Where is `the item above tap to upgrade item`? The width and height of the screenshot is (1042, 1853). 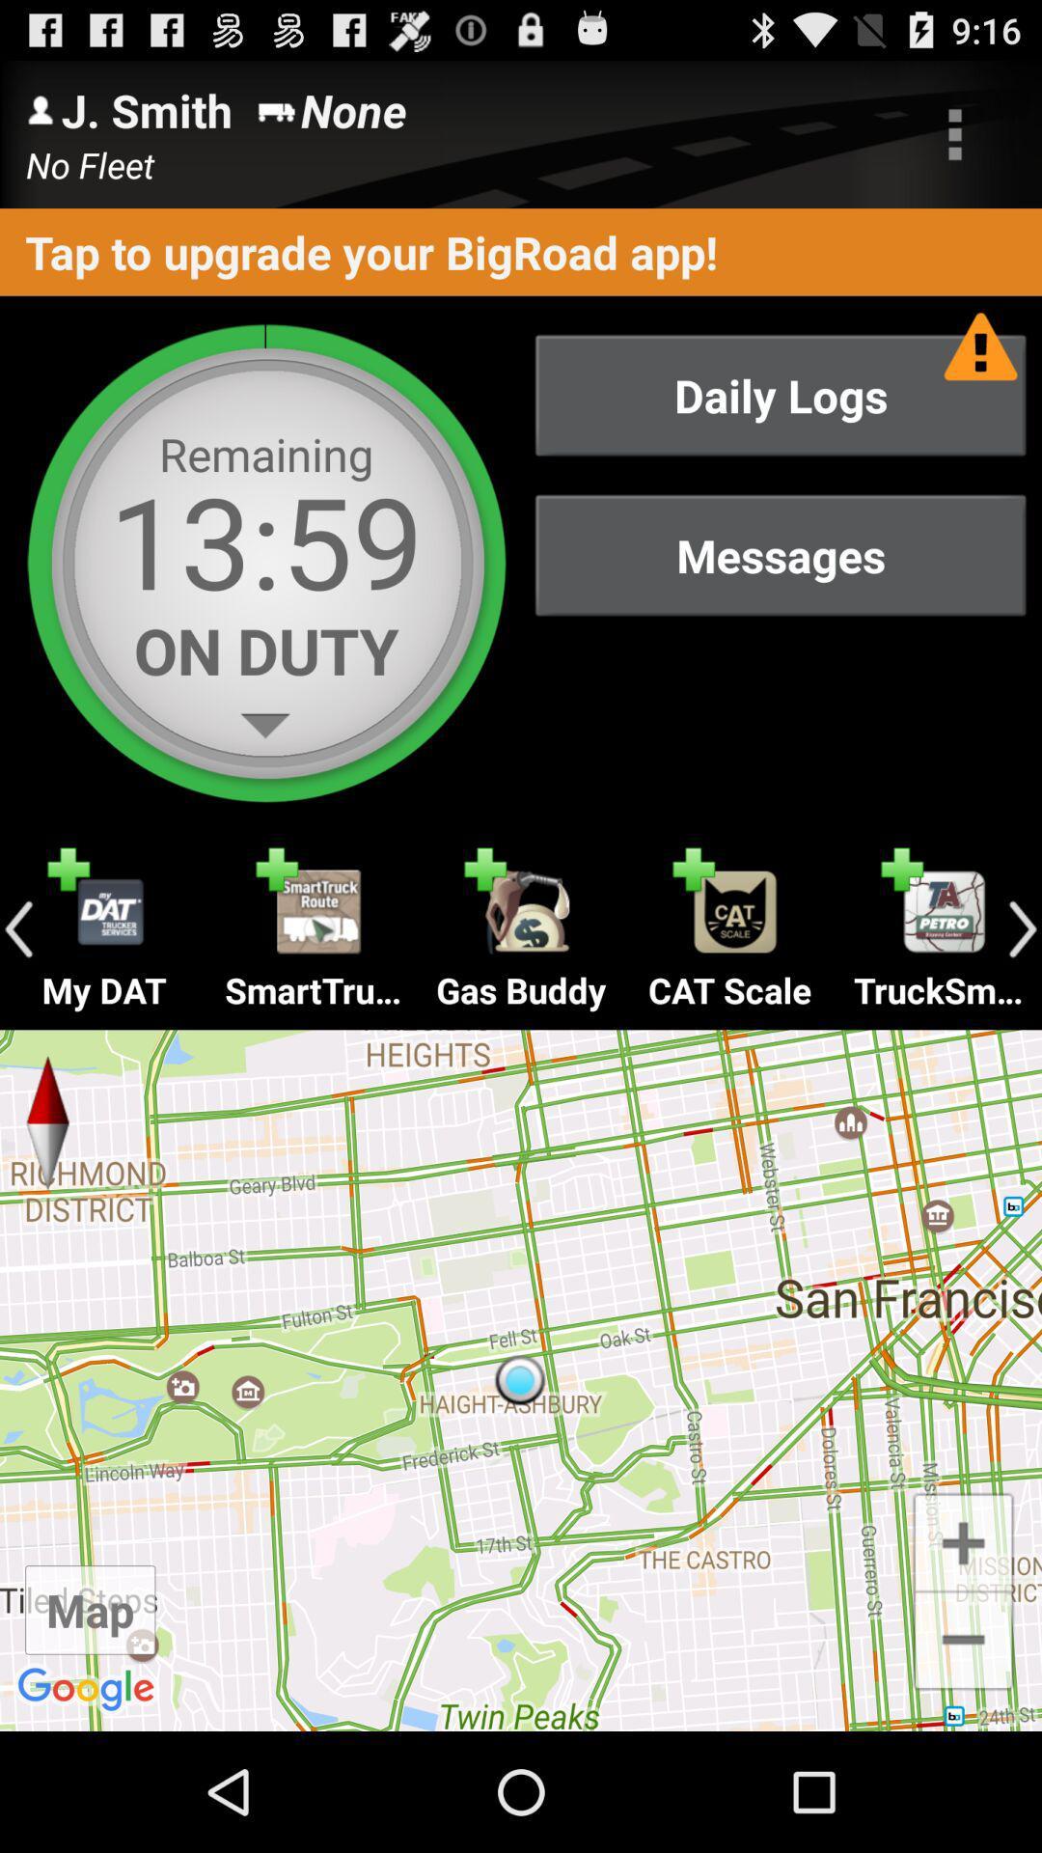 the item above tap to upgrade item is located at coordinates (955, 133).